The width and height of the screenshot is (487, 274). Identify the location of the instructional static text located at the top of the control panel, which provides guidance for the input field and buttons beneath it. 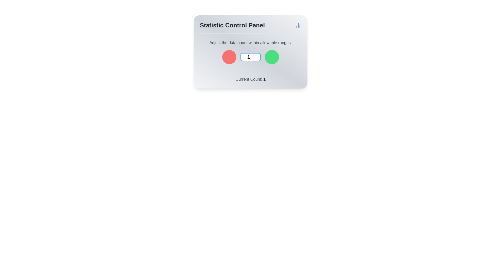
(251, 43).